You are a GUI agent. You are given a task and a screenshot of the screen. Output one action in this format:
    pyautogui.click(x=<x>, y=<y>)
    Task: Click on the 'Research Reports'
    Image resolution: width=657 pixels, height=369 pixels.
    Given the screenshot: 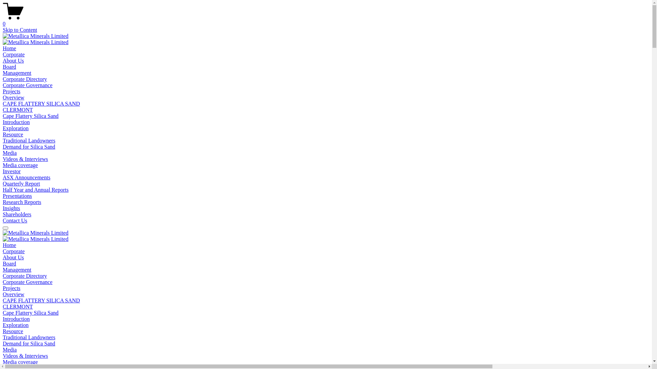 What is the action you would take?
    pyautogui.click(x=22, y=202)
    